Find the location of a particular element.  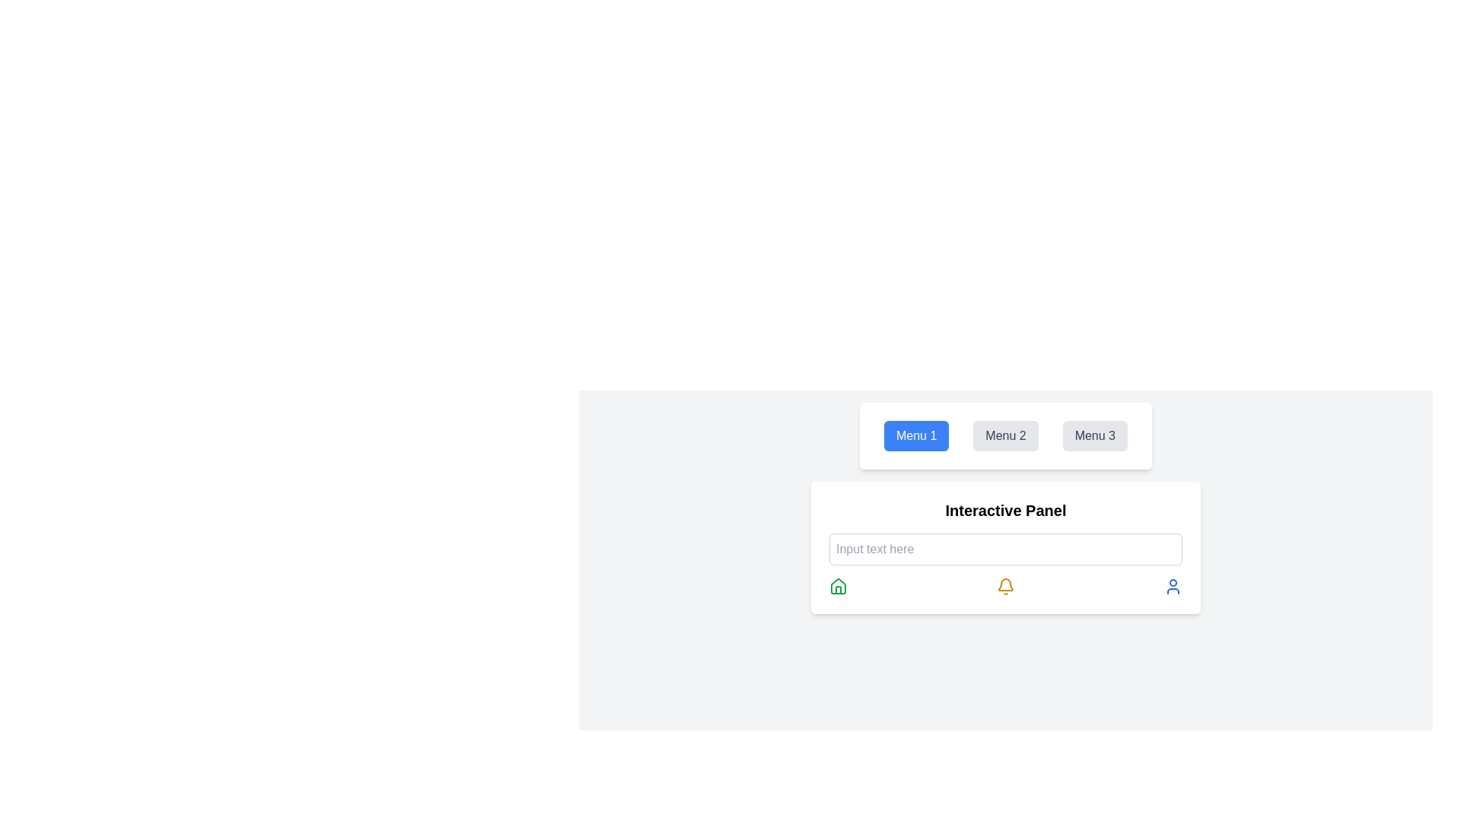

one of the icons in the 'Interactive Panel', which is the user panel located centrally below the menu bar is located at coordinates (1005, 548).